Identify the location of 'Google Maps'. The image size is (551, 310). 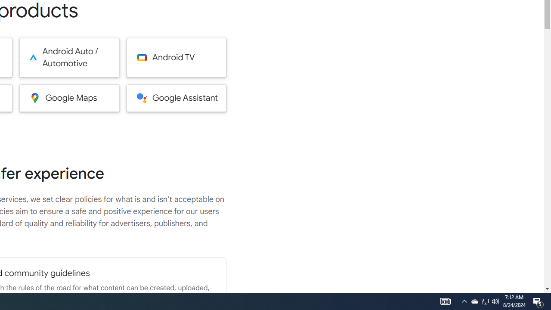
(69, 97).